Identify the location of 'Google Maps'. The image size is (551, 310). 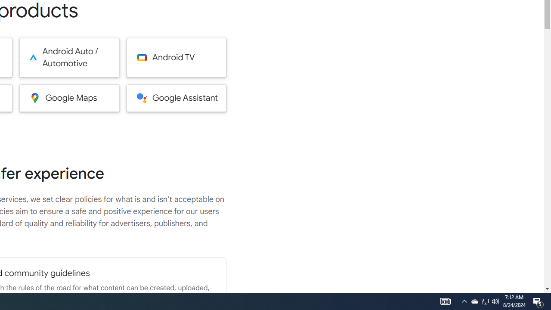
(69, 97).